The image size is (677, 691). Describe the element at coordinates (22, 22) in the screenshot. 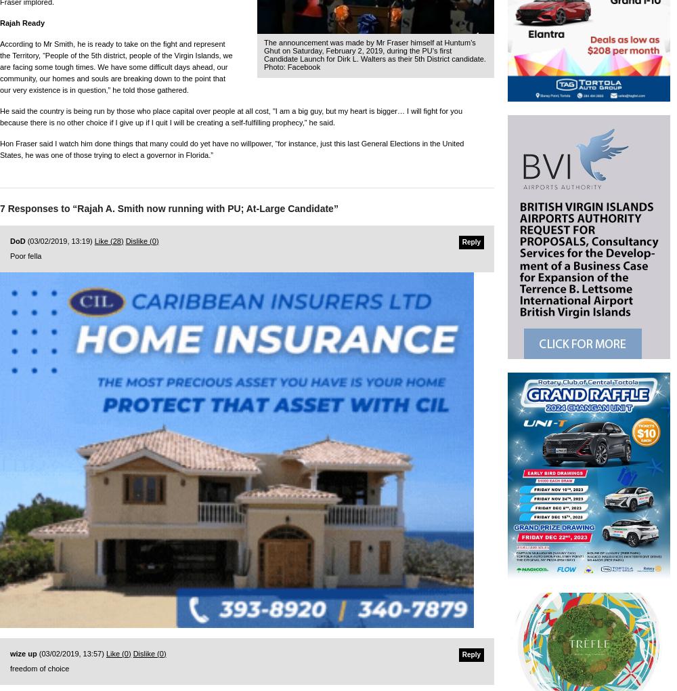

I see `'Rajah Ready'` at that location.